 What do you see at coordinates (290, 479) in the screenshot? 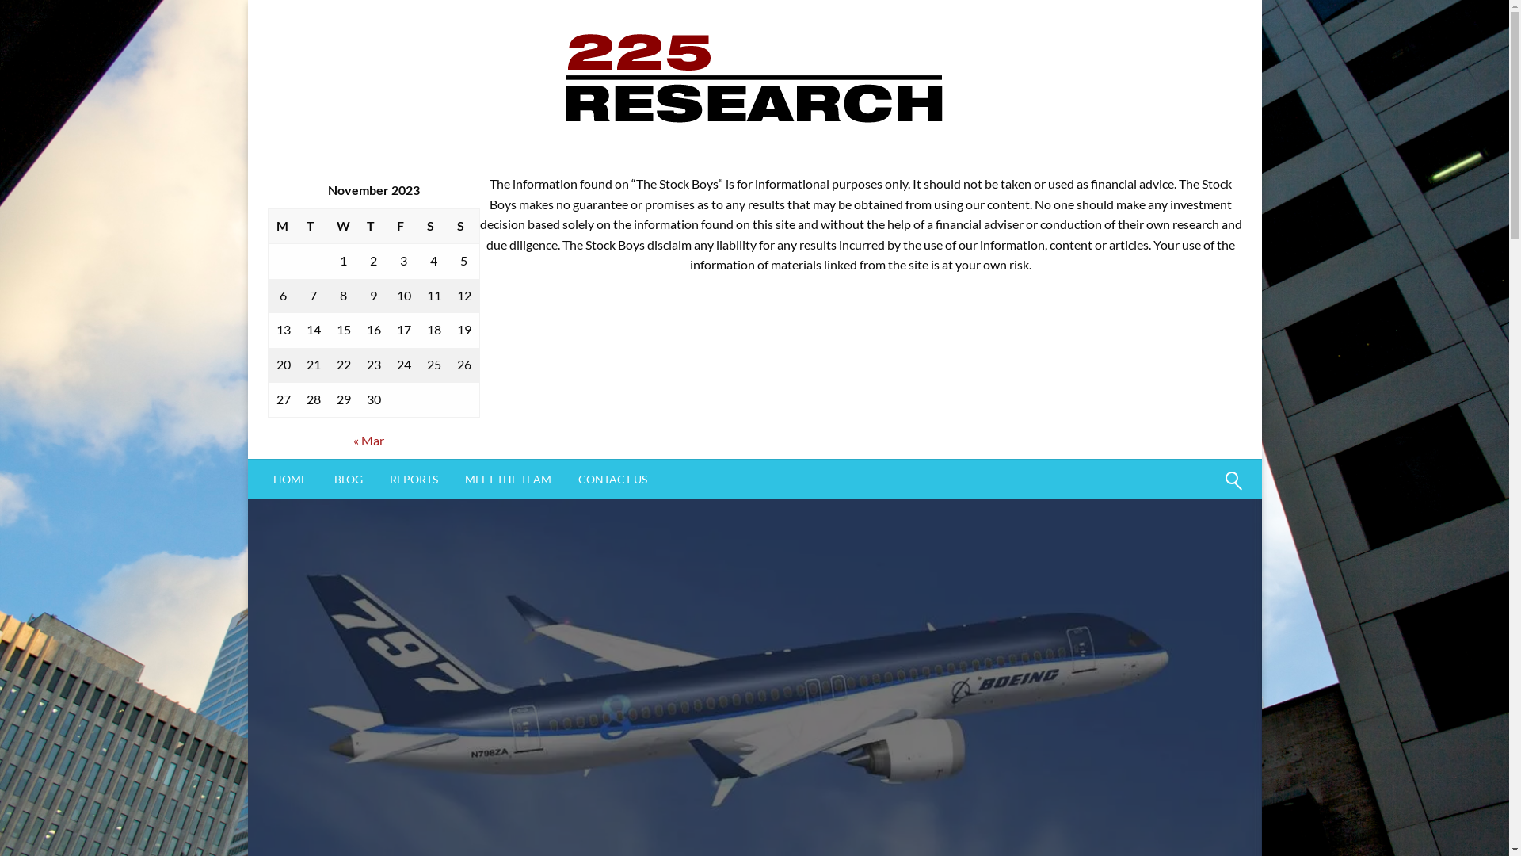
I see `'HOME'` at bounding box center [290, 479].